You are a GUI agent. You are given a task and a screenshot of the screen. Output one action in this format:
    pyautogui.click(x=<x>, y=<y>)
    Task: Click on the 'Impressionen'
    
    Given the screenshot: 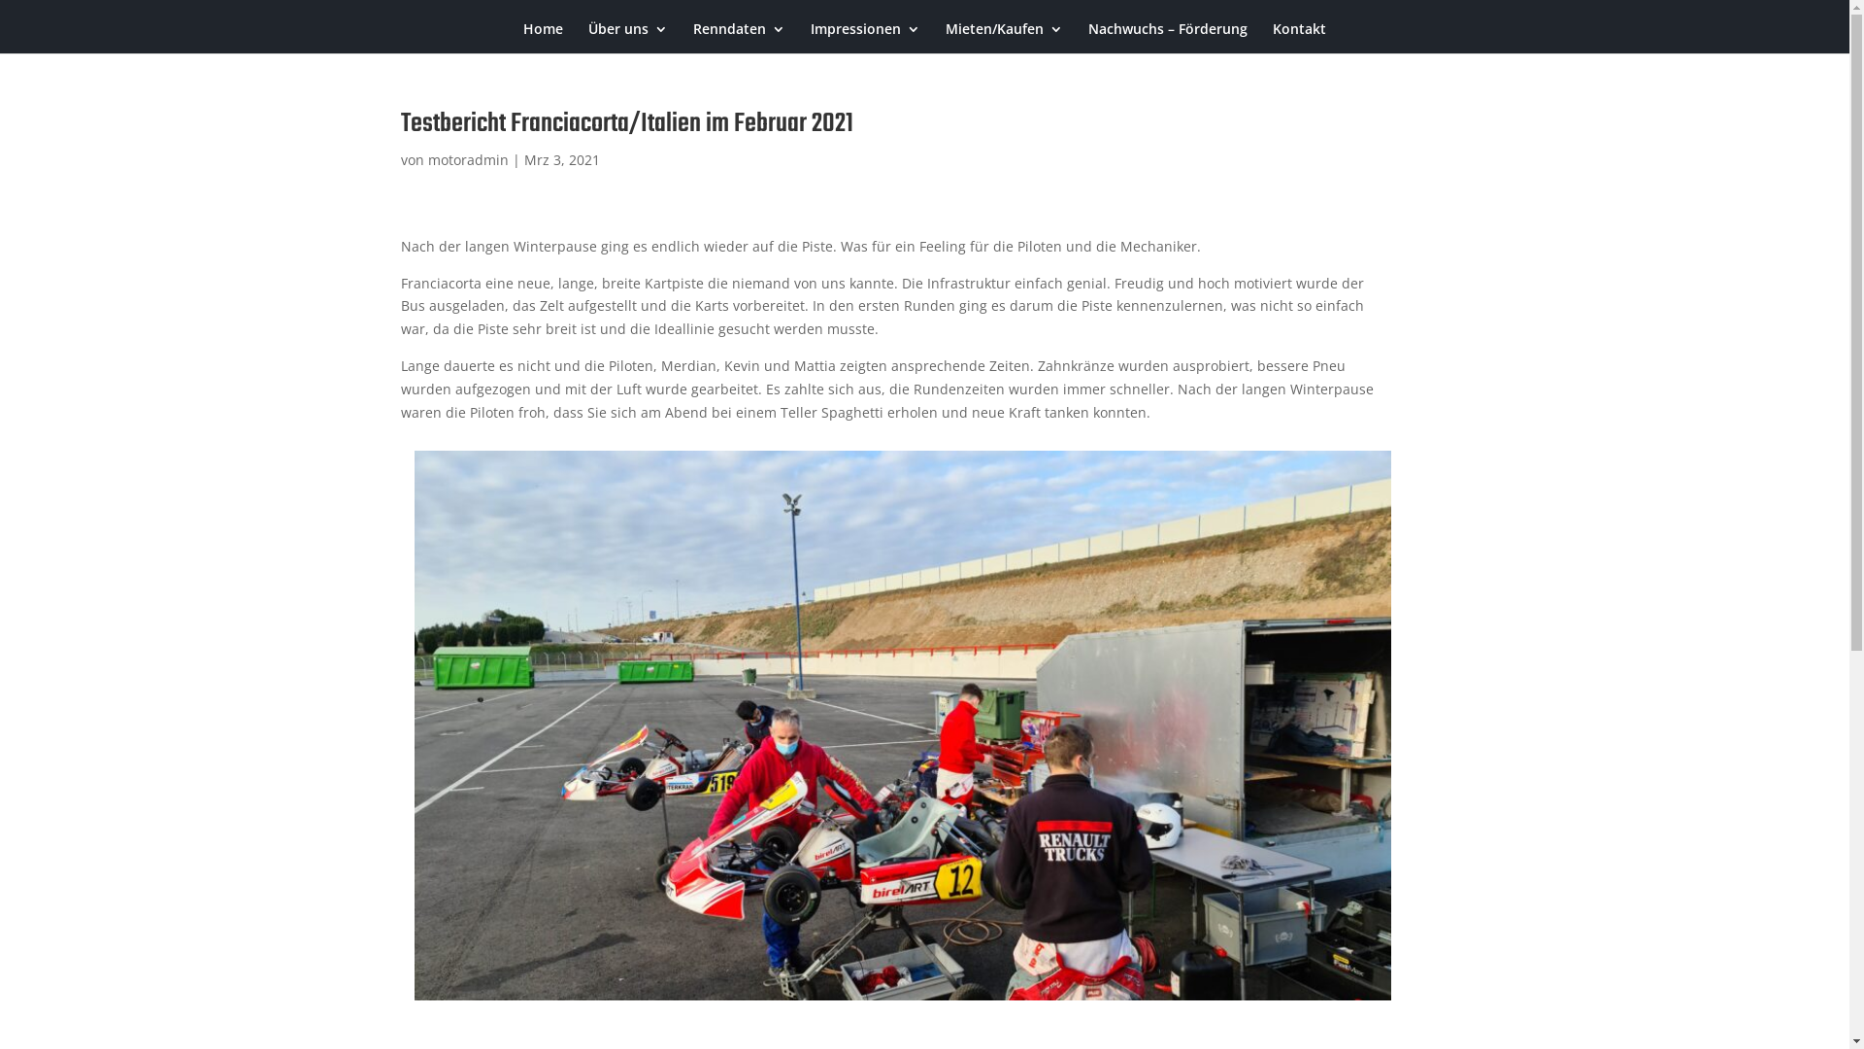 What is the action you would take?
    pyautogui.click(x=864, y=37)
    